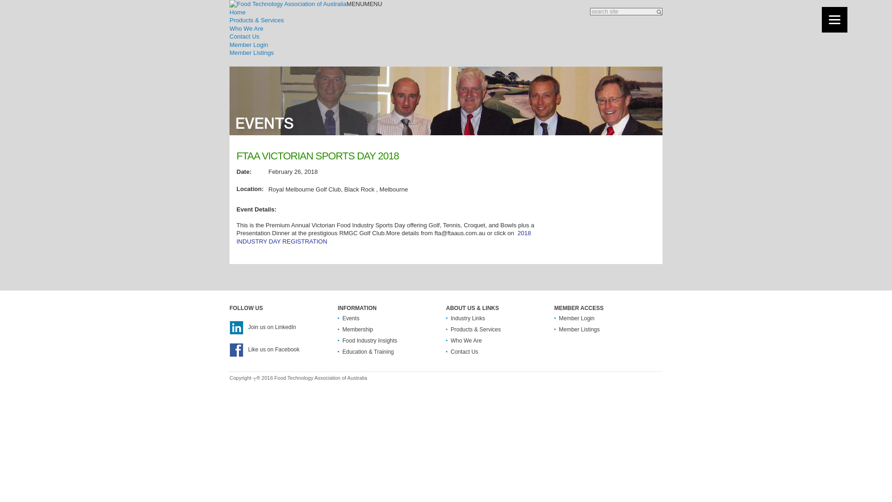 The image size is (892, 502). What do you see at coordinates (342, 351) in the screenshot?
I see `'Education & Training'` at bounding box center [342, 351].